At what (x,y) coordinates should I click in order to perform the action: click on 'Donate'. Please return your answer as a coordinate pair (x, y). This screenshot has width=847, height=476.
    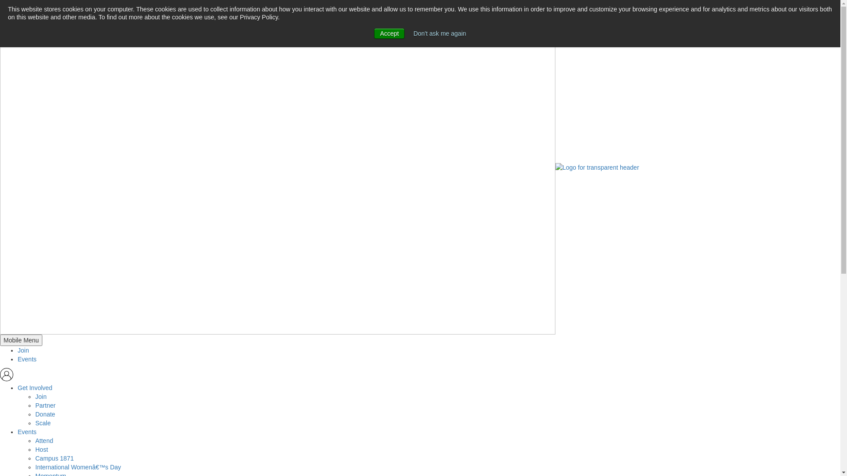
    Looking at the image, I should click on (45, 414).